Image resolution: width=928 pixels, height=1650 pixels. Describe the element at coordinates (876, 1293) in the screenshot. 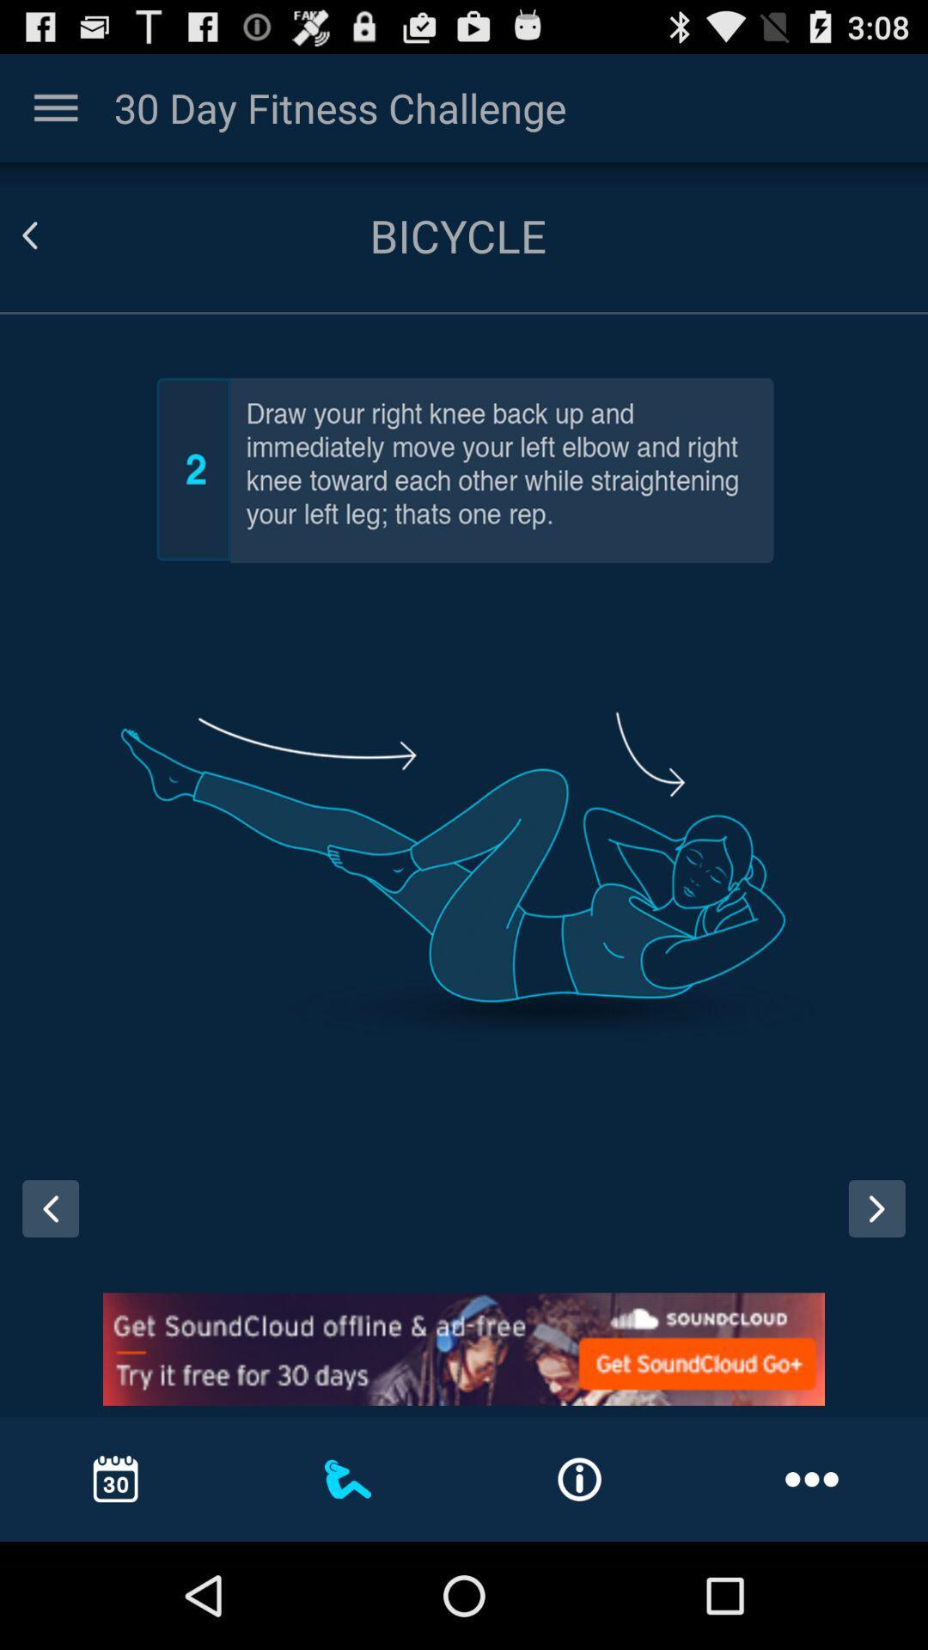

I see `the arrow_forward icon` at that location.